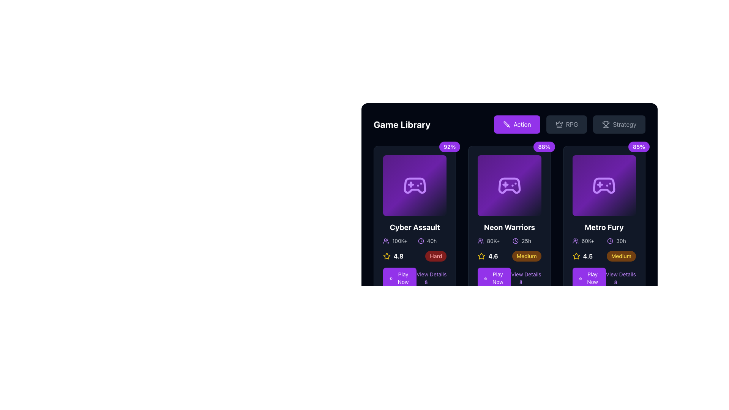  Describe the element at coordinates (516, 124) in the screenshot. I see `the rectangular button with a purple background and white text labeled 'Action' located in the top-middle section of the interface` at that location.